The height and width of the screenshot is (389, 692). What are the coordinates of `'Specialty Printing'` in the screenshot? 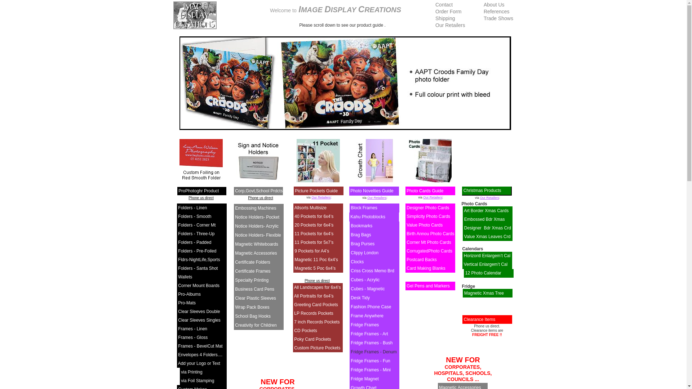 It's located at (252, 280).